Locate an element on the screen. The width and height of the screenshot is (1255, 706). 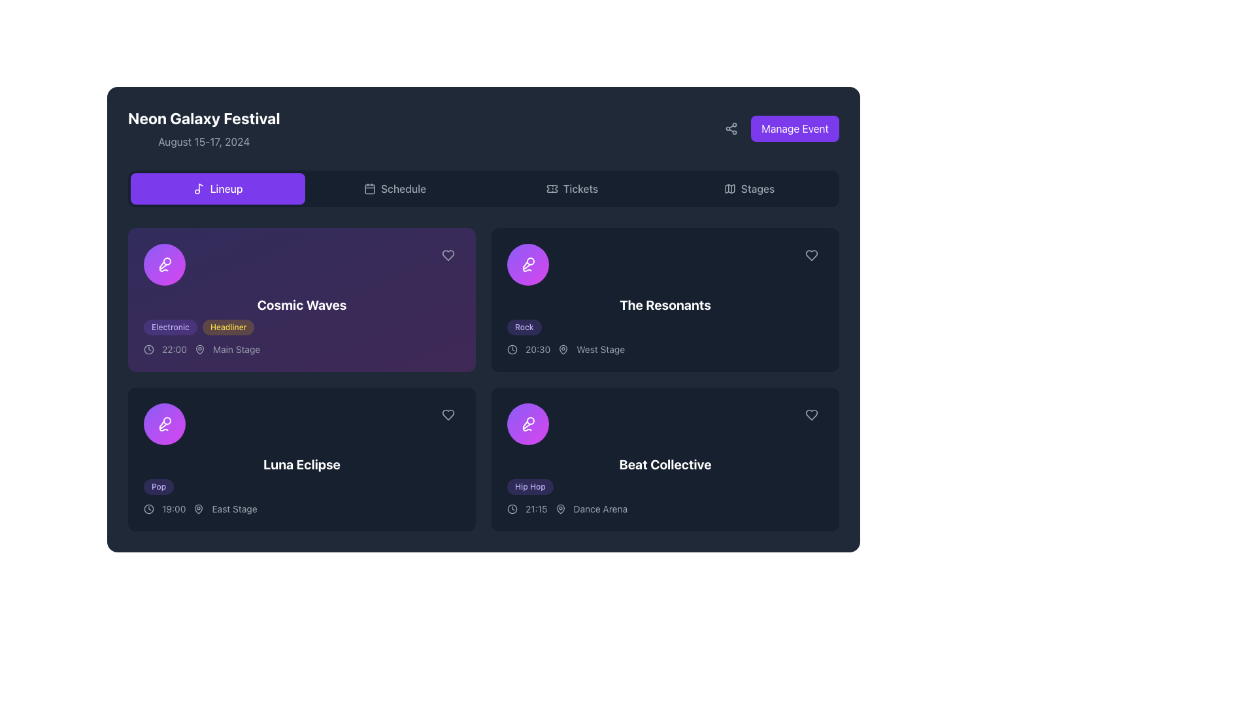
the graphical or decorative element located in the top-right corner of 'The Resonants' card icon is located at coordinates (530, 421).